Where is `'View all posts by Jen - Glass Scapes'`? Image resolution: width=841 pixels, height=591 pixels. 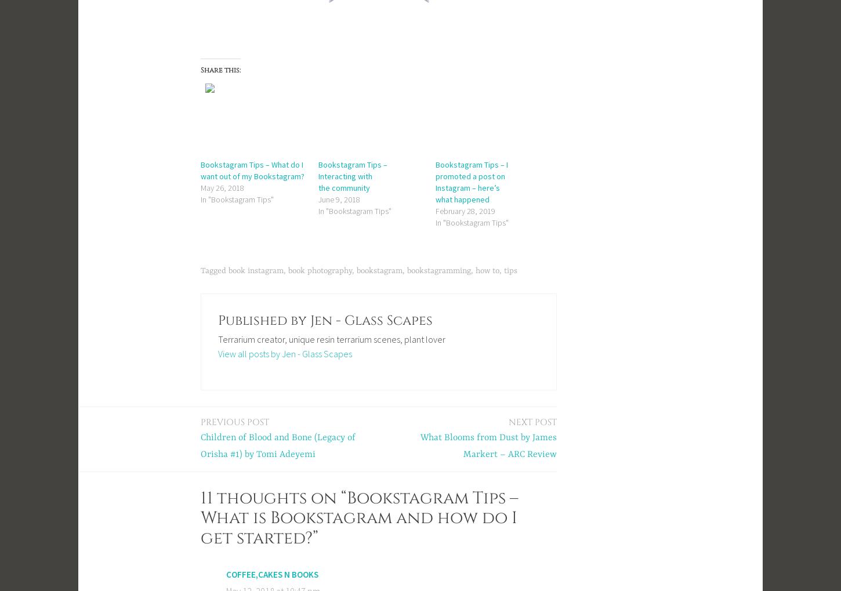
'View all posts by Jen - Glass Scapes' is located at coordinates (284, 353).